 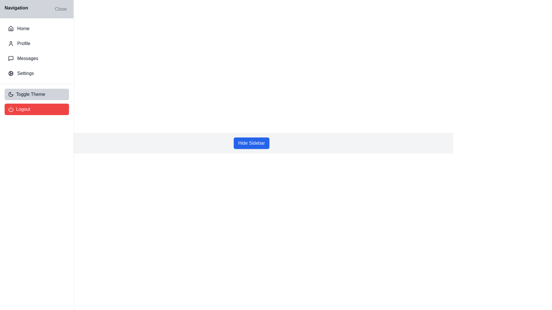 I want to click on the 'Profile' navigation link in the interactive sidebar menu, so click(x=37, y=43).